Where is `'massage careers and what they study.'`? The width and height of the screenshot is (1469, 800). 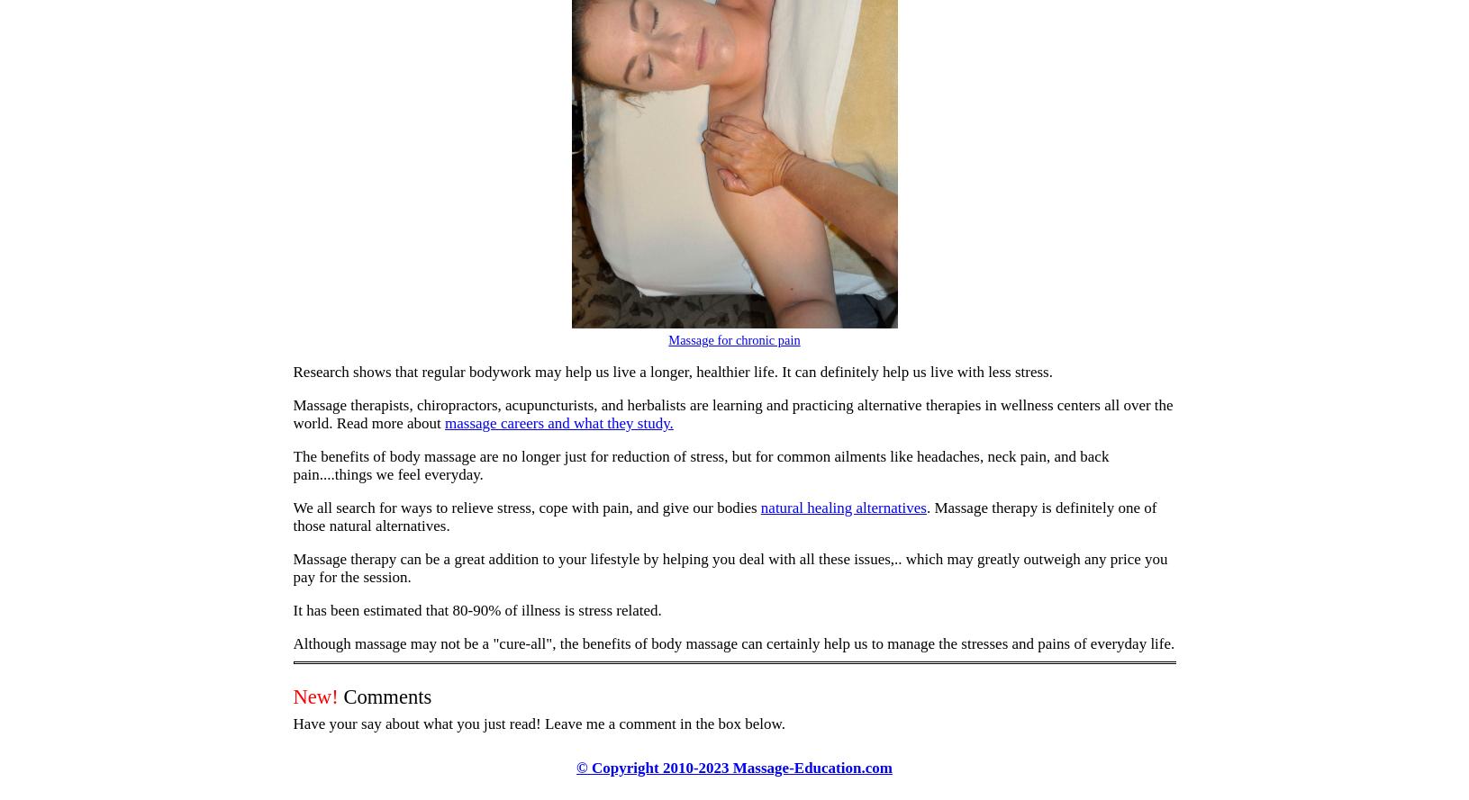
'massage careers and what they study.' is located at coordinates (558, 422).